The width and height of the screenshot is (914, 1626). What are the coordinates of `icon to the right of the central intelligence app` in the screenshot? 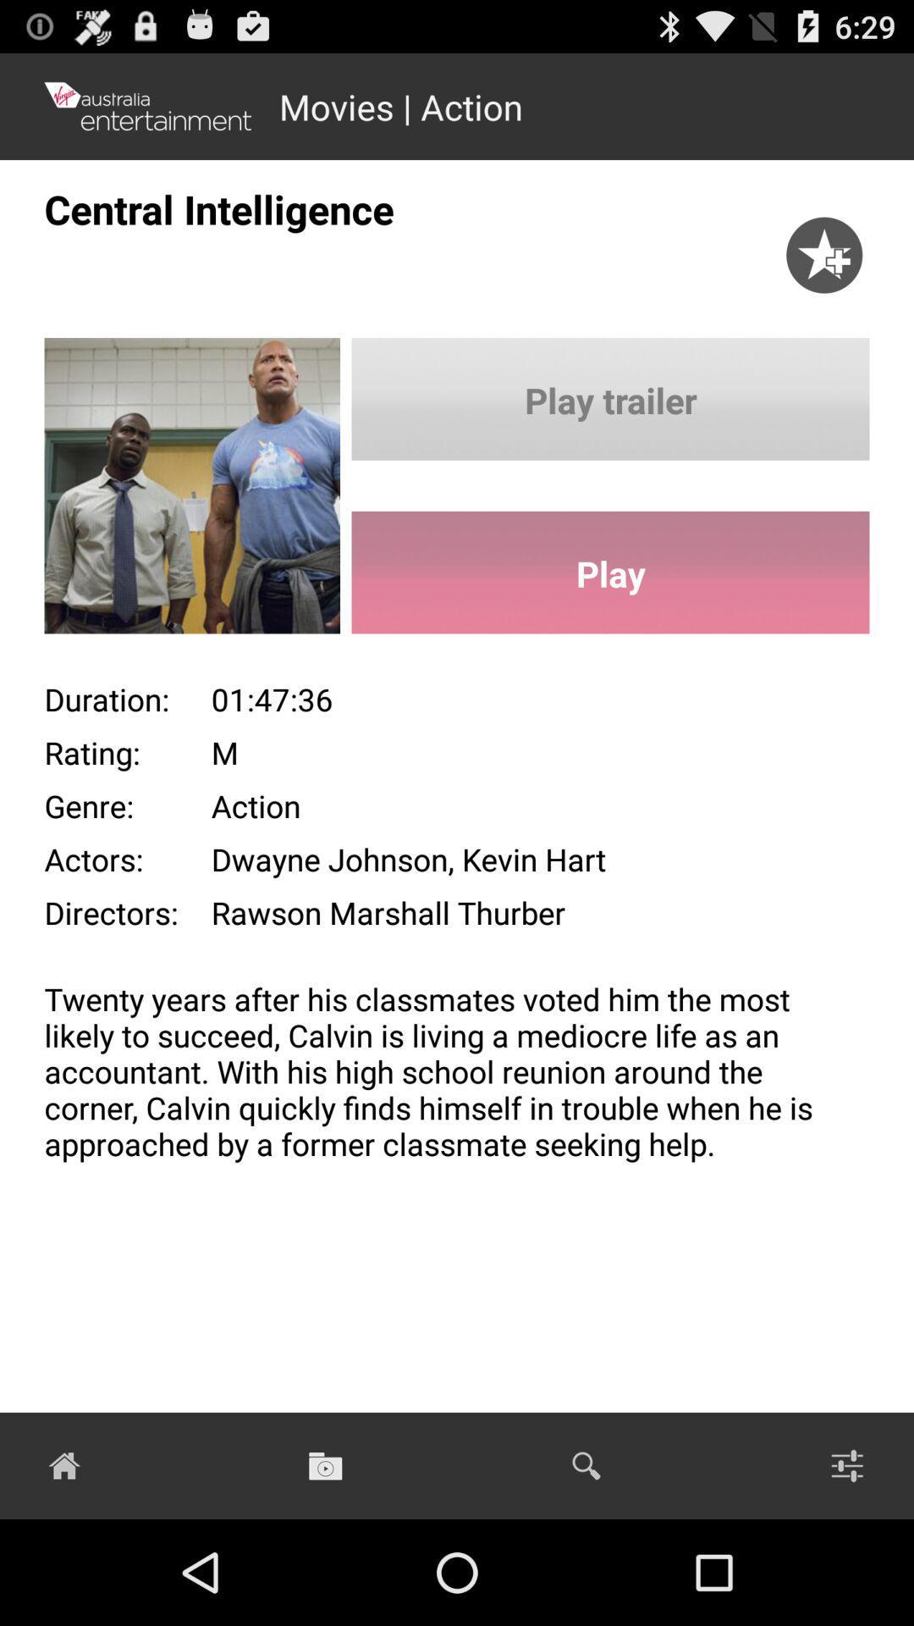 It's located at (823, 236).